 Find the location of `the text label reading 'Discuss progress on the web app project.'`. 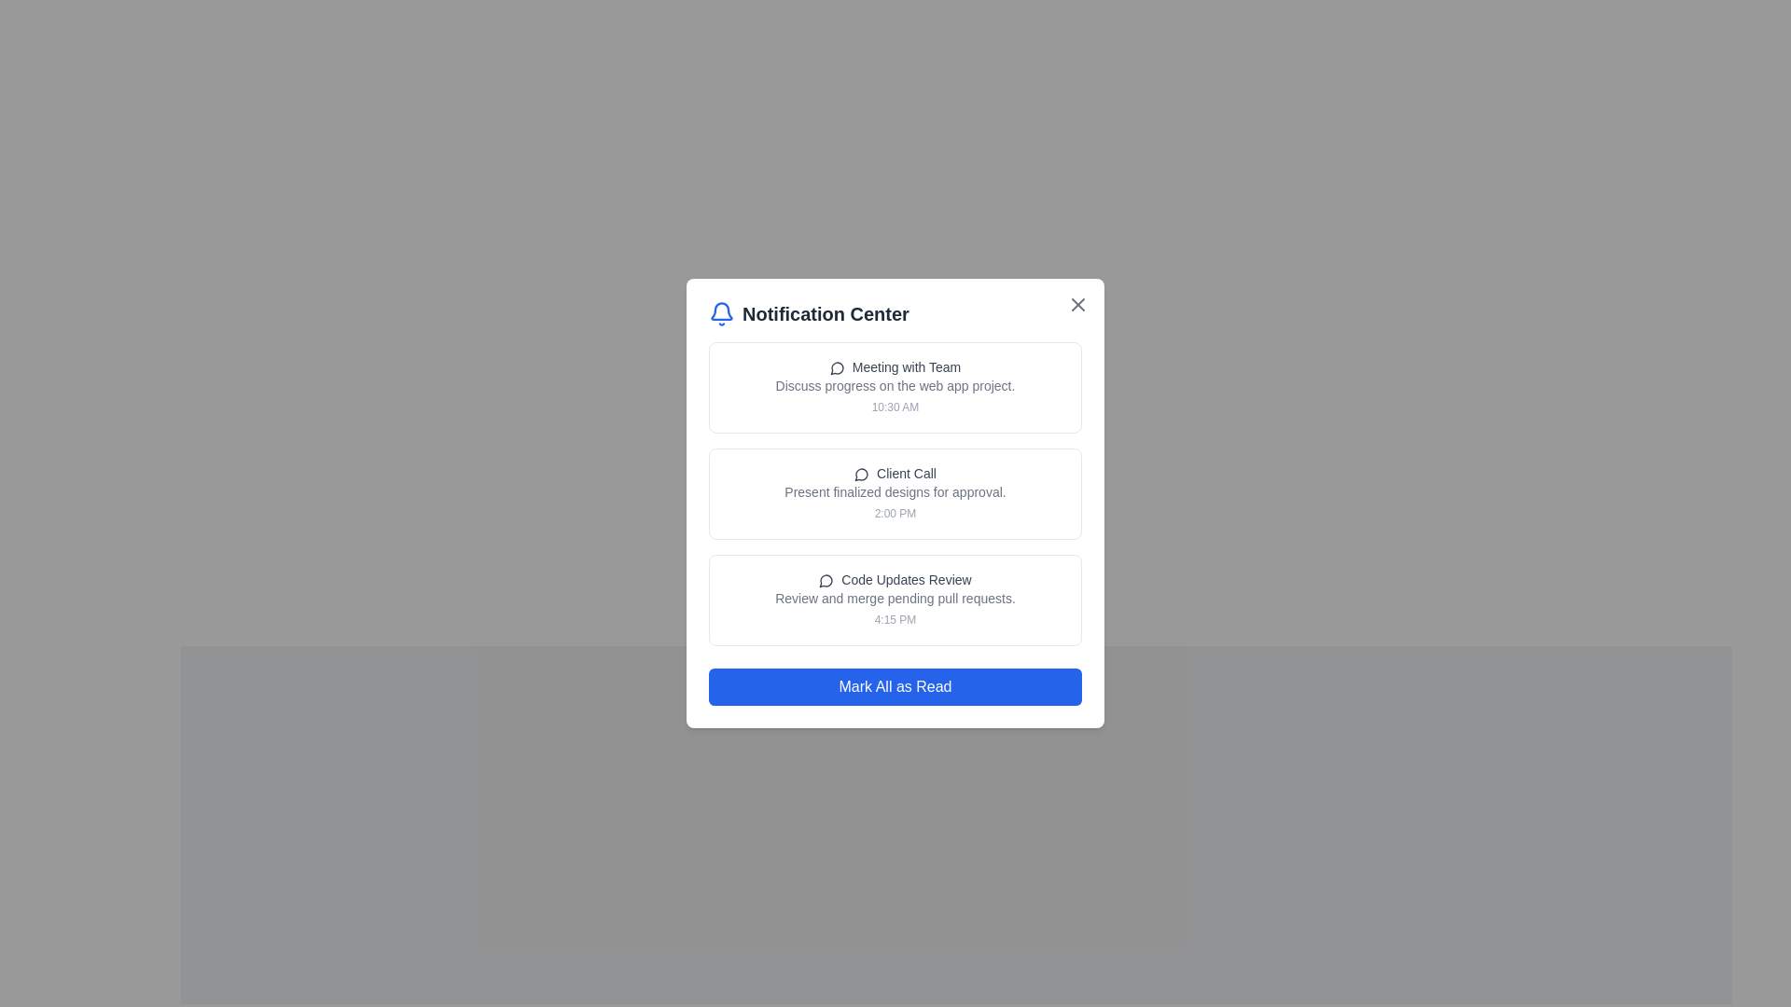

the text label reading 'Discuss progress on the web app project.' is located at coordinates (895, 384).